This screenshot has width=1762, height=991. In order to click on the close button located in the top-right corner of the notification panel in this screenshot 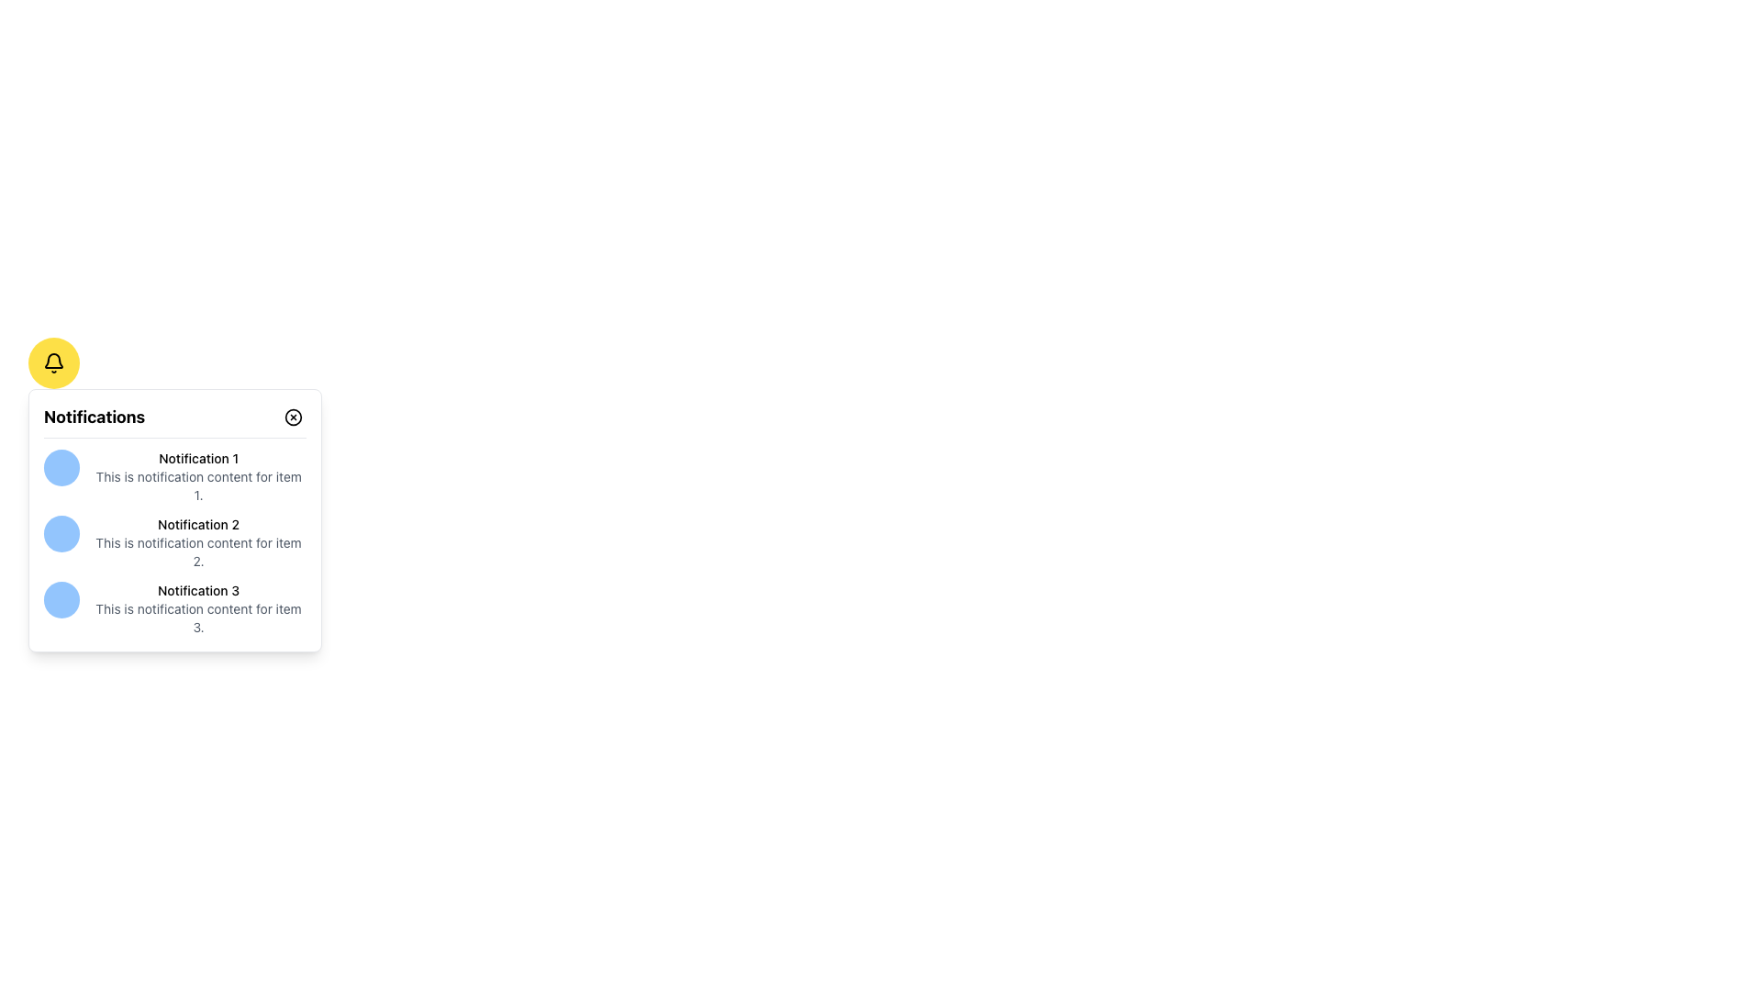, I will do `click(294, 418)`.